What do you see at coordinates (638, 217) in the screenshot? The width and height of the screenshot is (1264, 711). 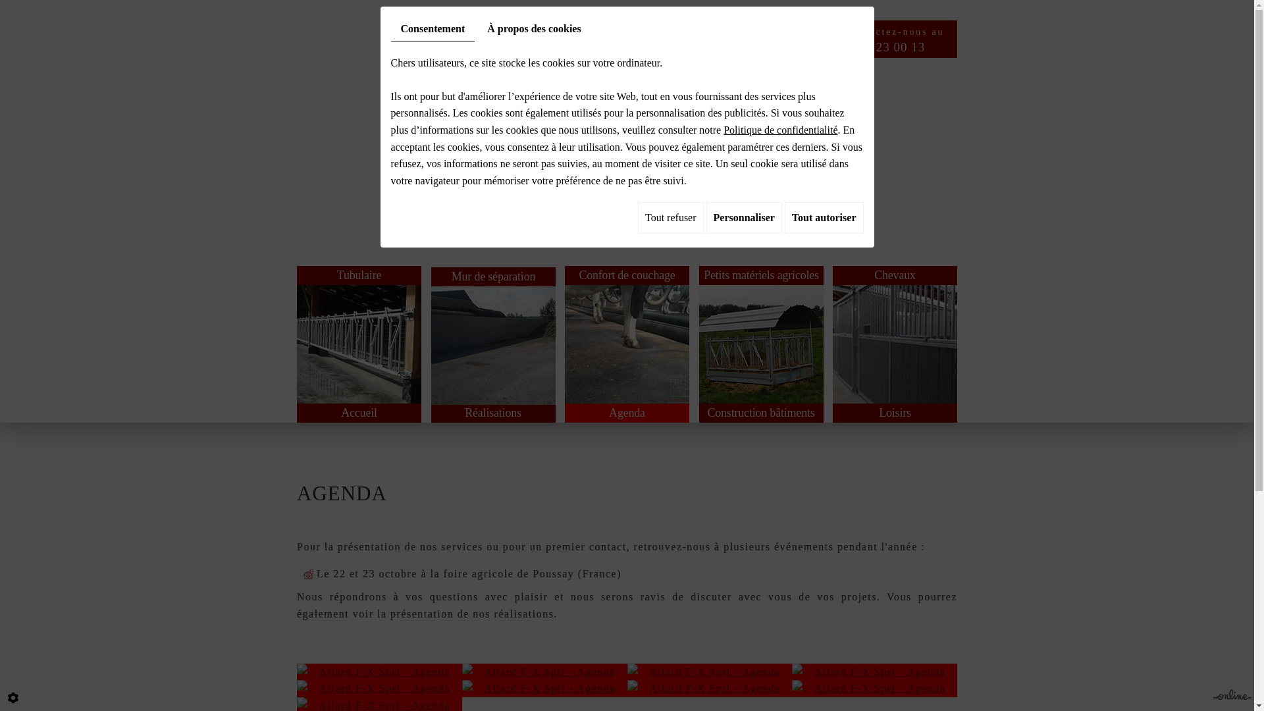 I see `'Tout refuser'` at bounding box center [638, 217].